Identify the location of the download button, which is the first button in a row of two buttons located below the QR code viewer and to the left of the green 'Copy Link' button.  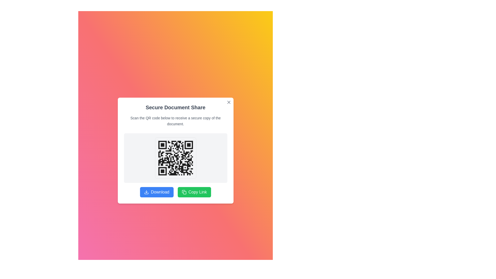
(156, 192).